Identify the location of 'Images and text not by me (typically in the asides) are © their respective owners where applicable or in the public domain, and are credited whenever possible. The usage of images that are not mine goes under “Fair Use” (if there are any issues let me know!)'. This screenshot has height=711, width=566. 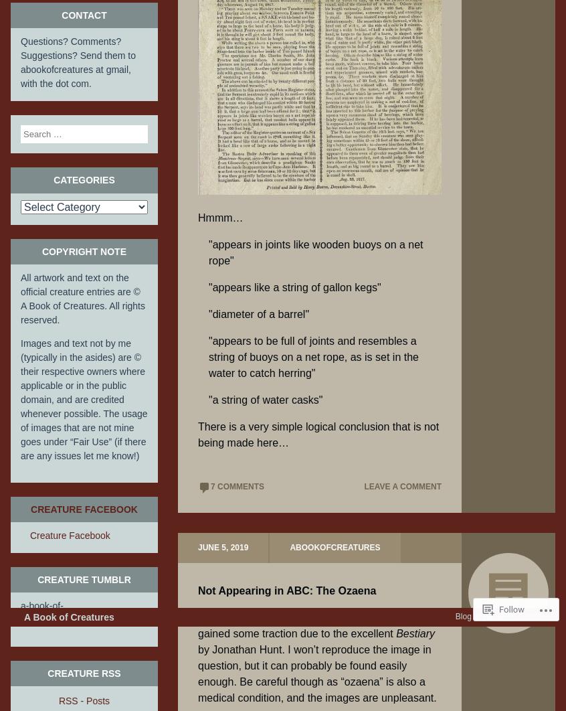
(84, 398).